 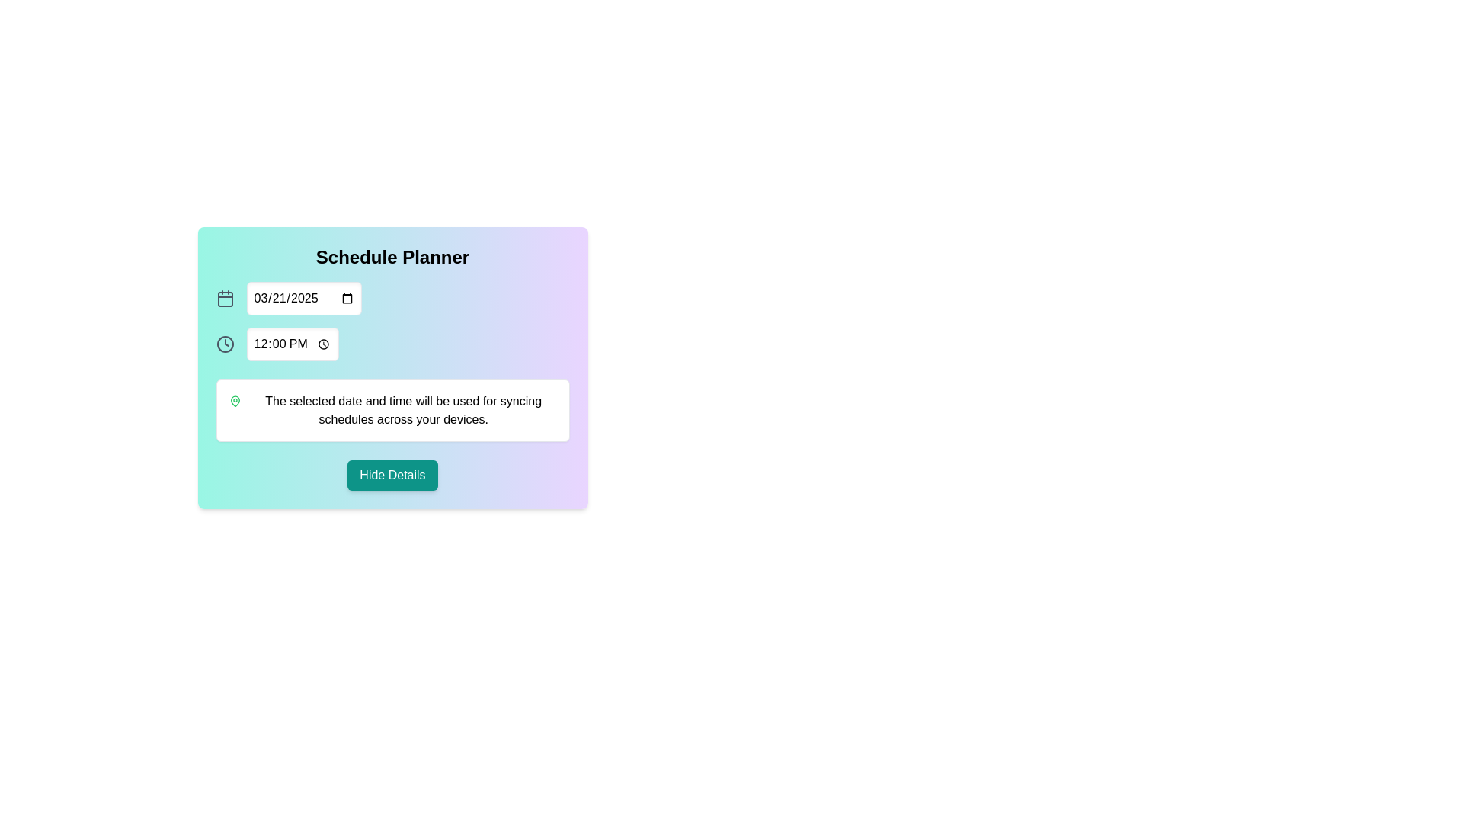 What do you see at coordinates (234, 401) in the screenshot?
I see `the decorative icon located to the left of the text block that indicates syncing schedules across devices` at bounding box center [234, 401].